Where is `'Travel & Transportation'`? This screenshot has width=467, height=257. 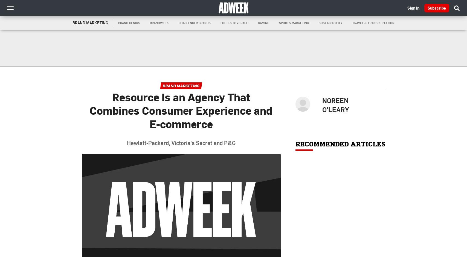 'Travel & Transportation' is located at coordinates (373, 23).